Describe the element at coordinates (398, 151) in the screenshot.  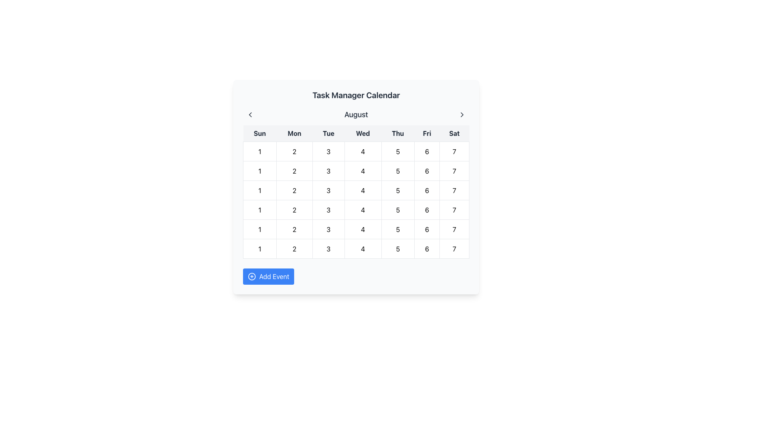
I see `the Text label displaying the date '5' in the calendar interface located in the fifth column (Thursday) of the grid` at that location.